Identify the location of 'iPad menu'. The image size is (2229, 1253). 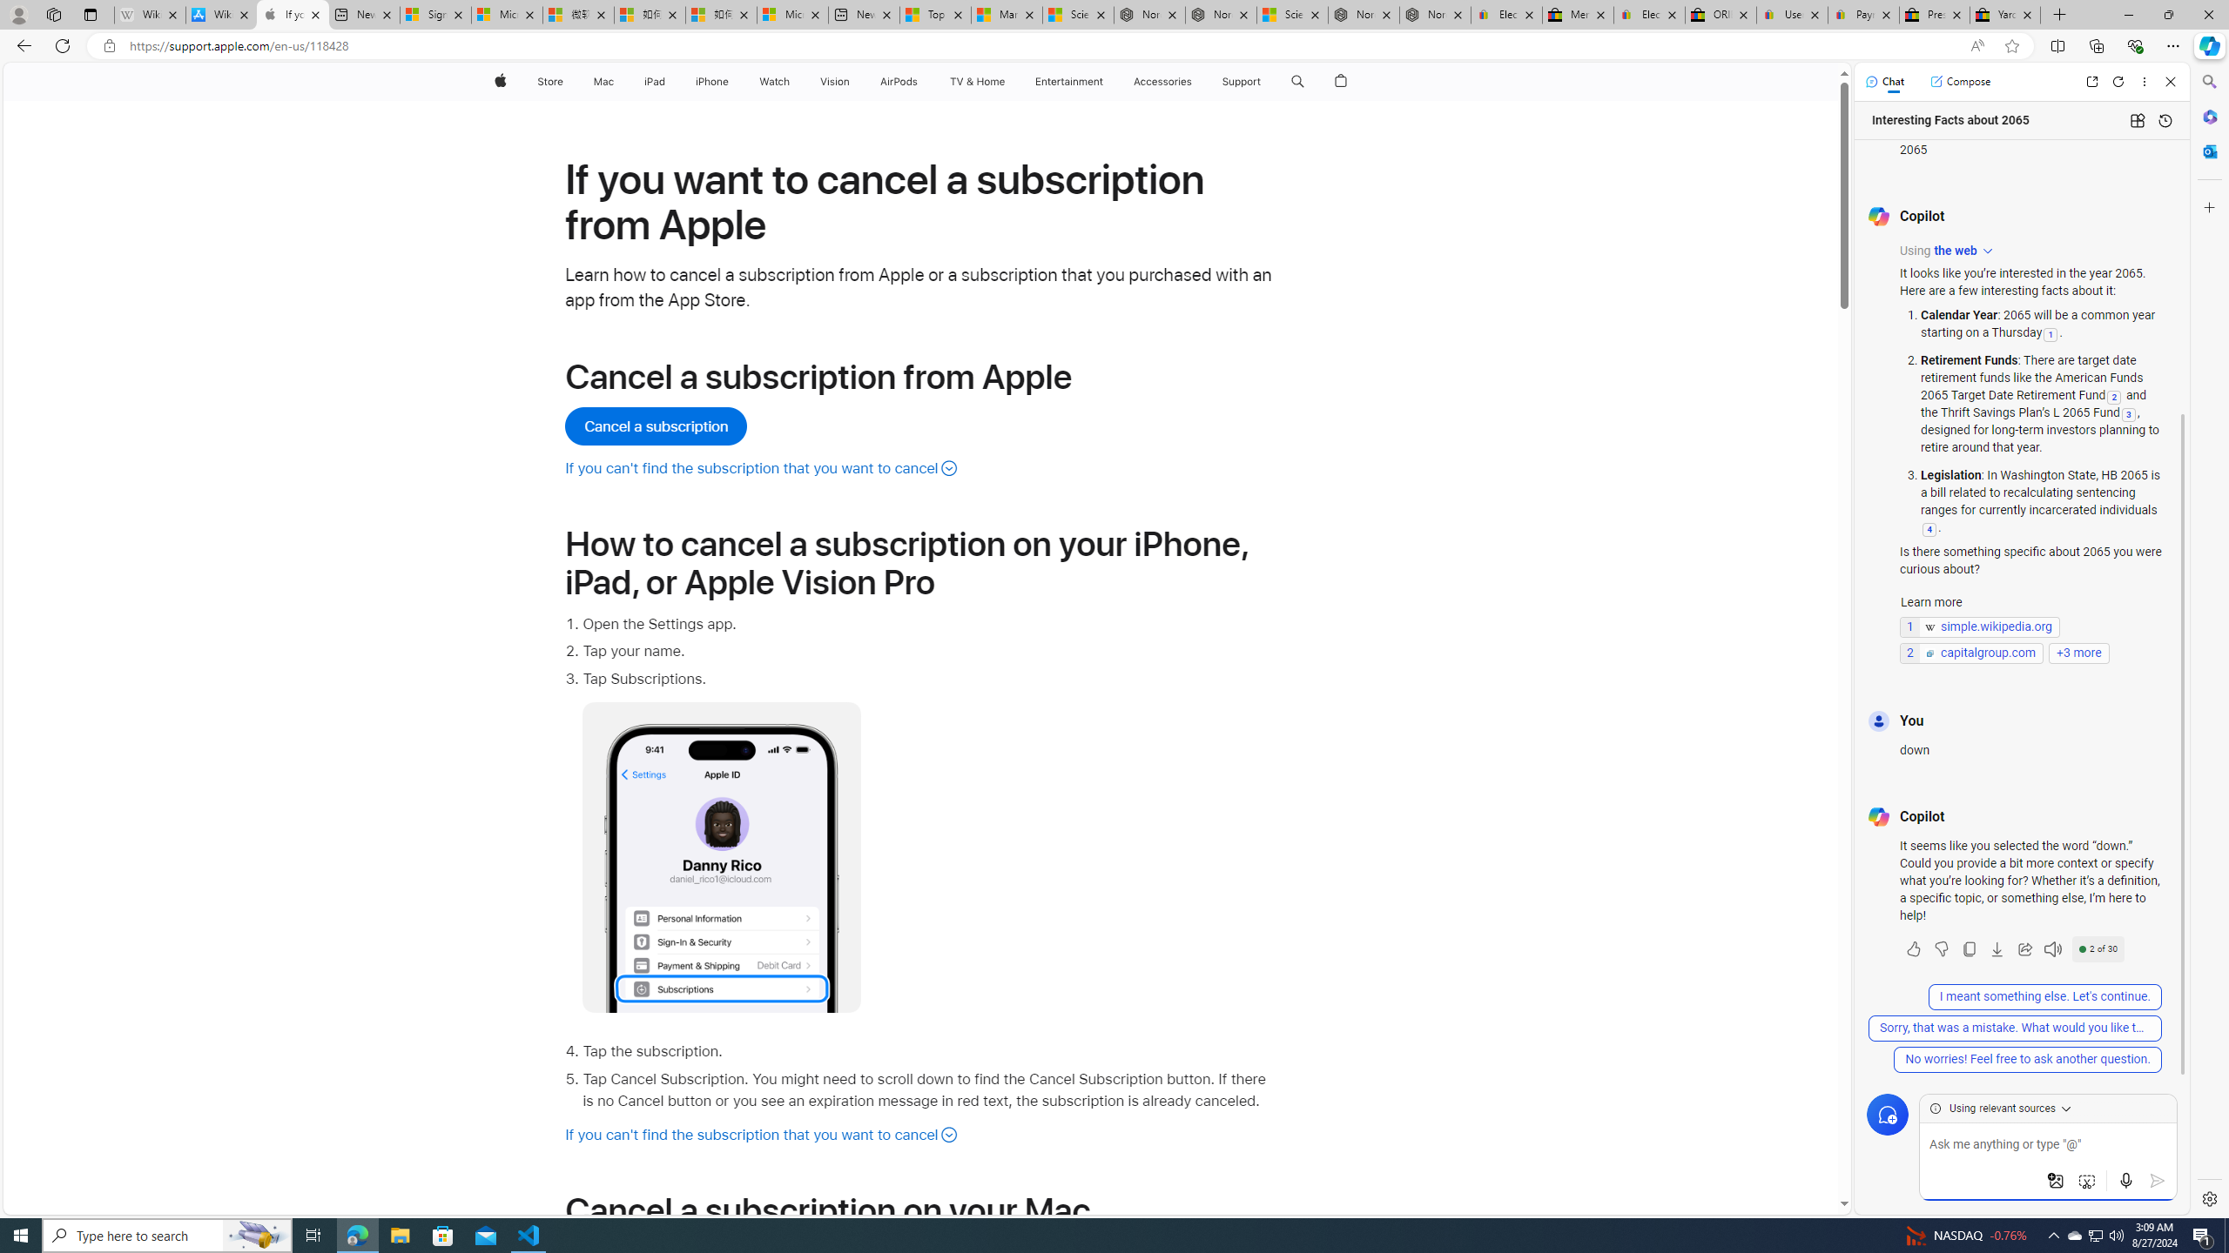
(667, 81).